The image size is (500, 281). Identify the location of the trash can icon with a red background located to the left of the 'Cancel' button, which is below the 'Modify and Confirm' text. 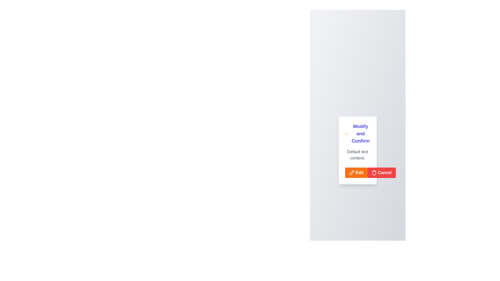
(374, 173).